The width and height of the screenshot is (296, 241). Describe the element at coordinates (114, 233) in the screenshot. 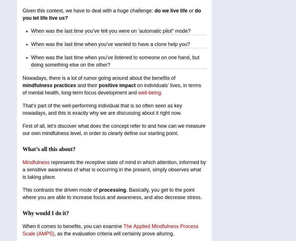

I see `', as the evaluation criteria will certainly prove alluring.'` at that location.